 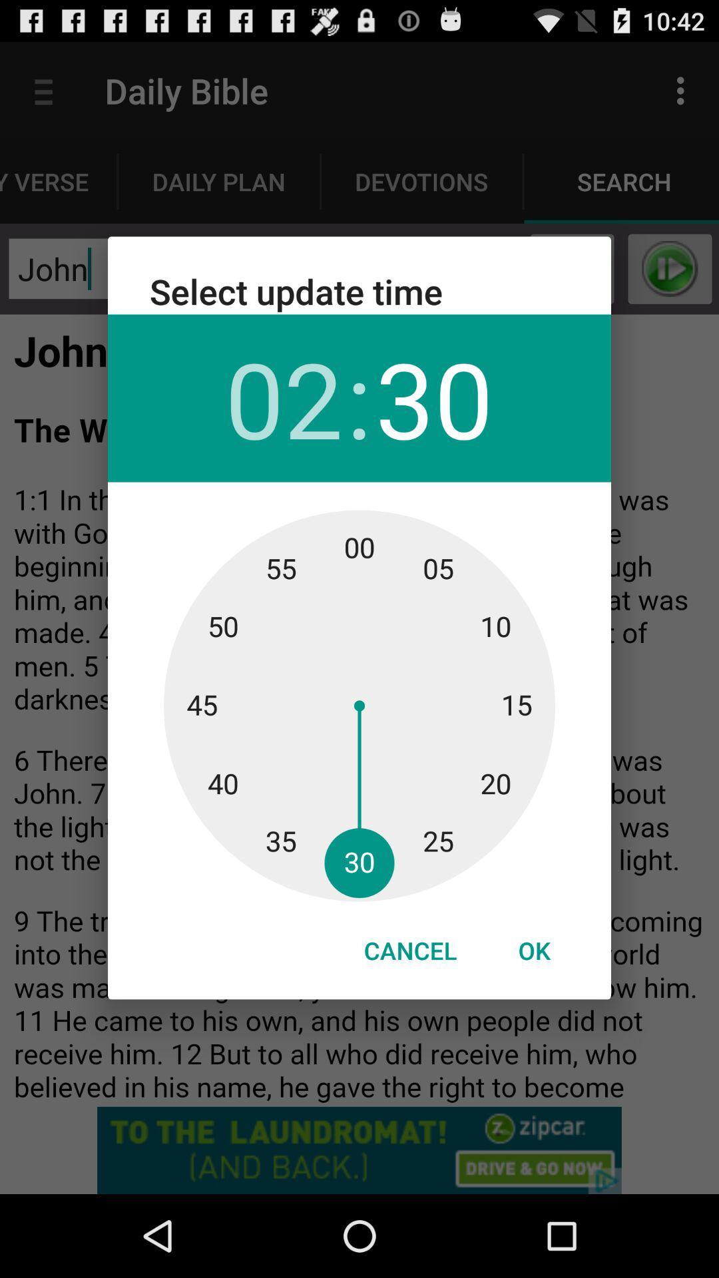 What do you see at coordinates (533, 950) in the screenshot?
I see `icon to the right of cancel item` at bounding box center [533, 950].